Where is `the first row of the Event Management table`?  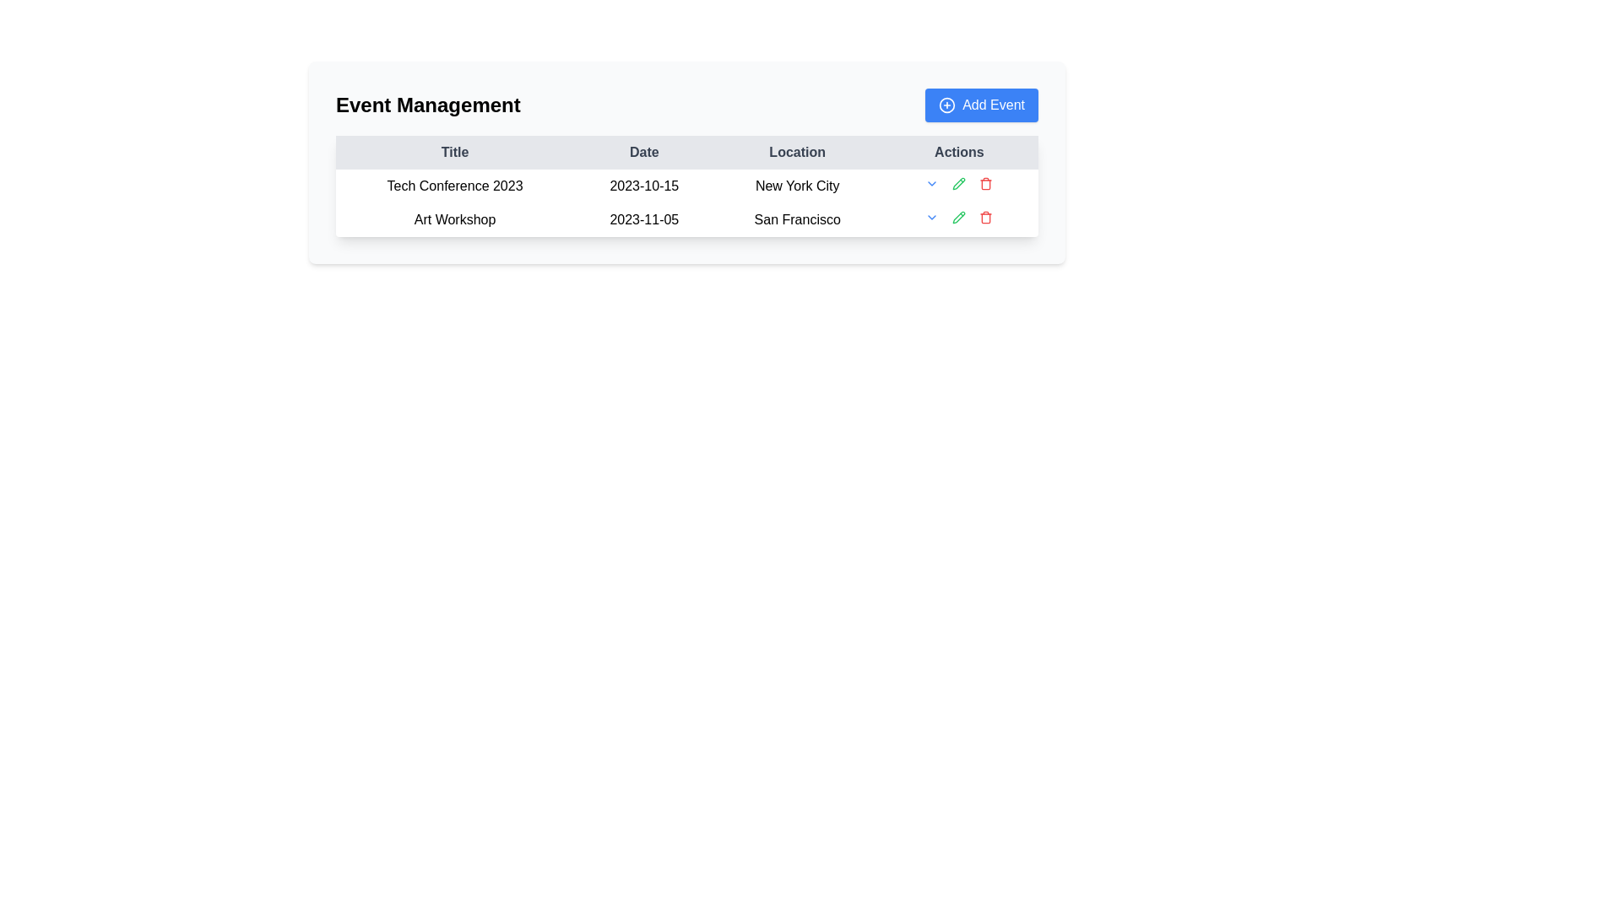
the first row of the Event Management table is located at coordinates (687, 186).